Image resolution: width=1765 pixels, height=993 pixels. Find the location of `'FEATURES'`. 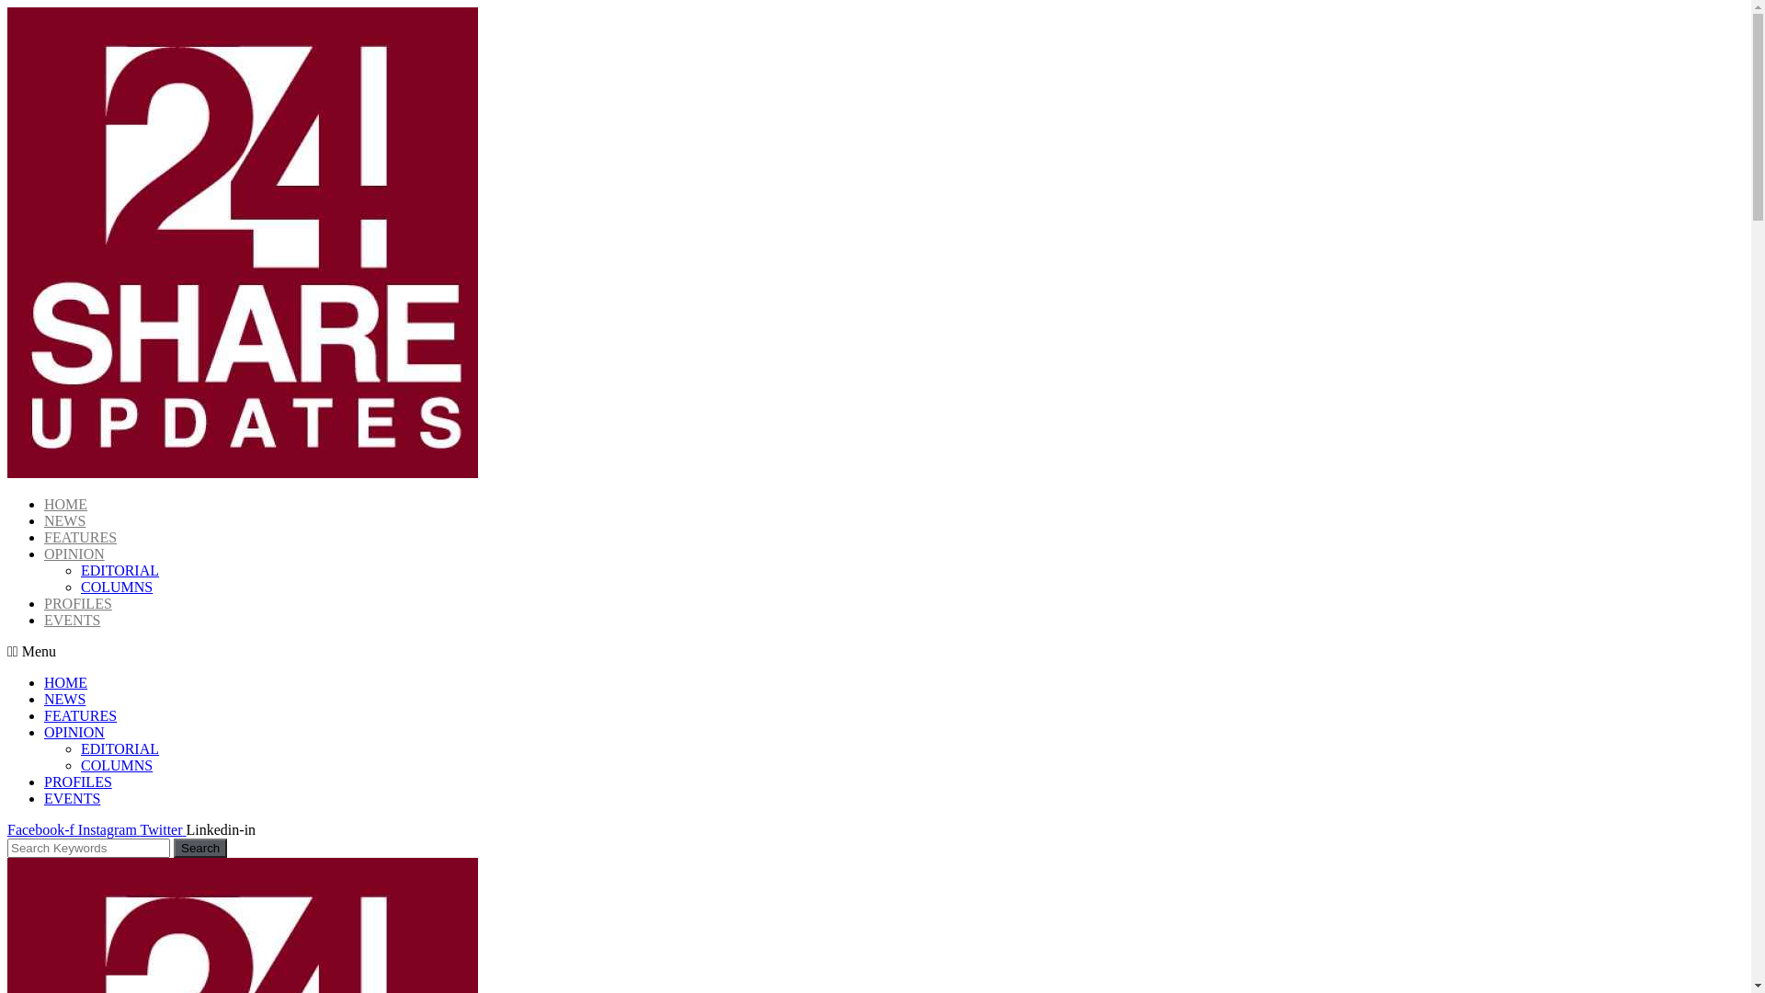

'FEATURES' is located at coordinates (79, 537).